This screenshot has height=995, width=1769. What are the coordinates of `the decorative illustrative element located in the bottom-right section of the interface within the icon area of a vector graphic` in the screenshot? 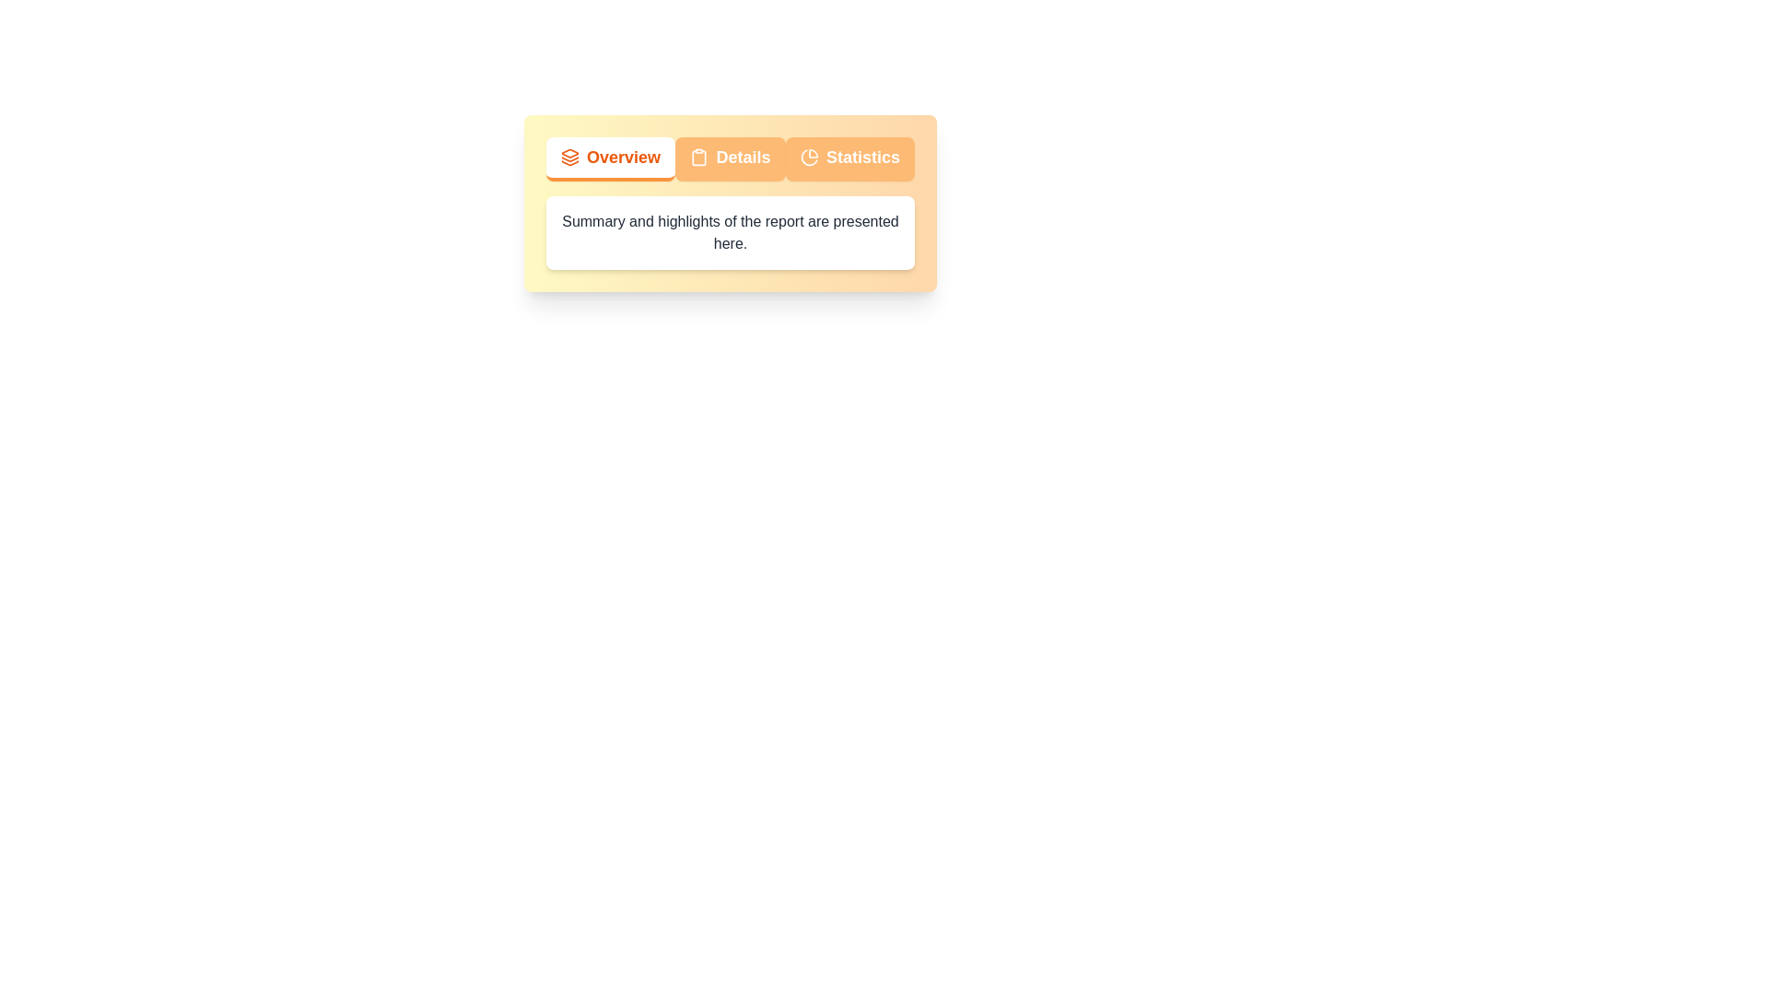 It's located at (569, 162).